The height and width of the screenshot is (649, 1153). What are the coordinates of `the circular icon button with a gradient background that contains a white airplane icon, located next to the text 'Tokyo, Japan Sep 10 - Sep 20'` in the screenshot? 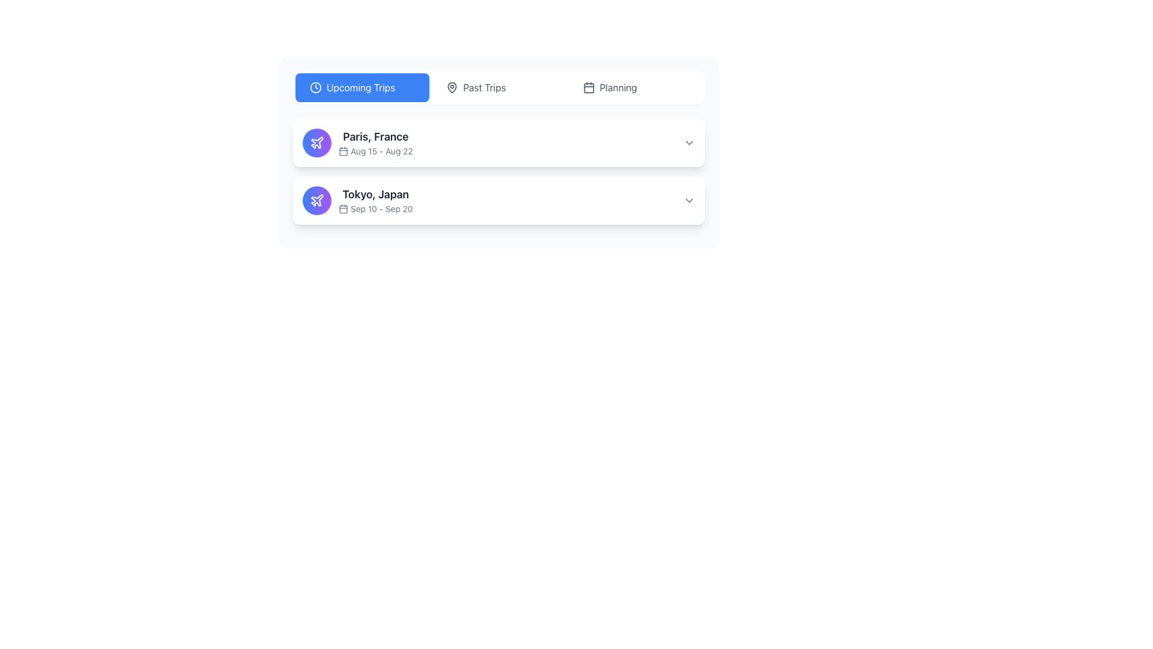 It's located at (317, 200).